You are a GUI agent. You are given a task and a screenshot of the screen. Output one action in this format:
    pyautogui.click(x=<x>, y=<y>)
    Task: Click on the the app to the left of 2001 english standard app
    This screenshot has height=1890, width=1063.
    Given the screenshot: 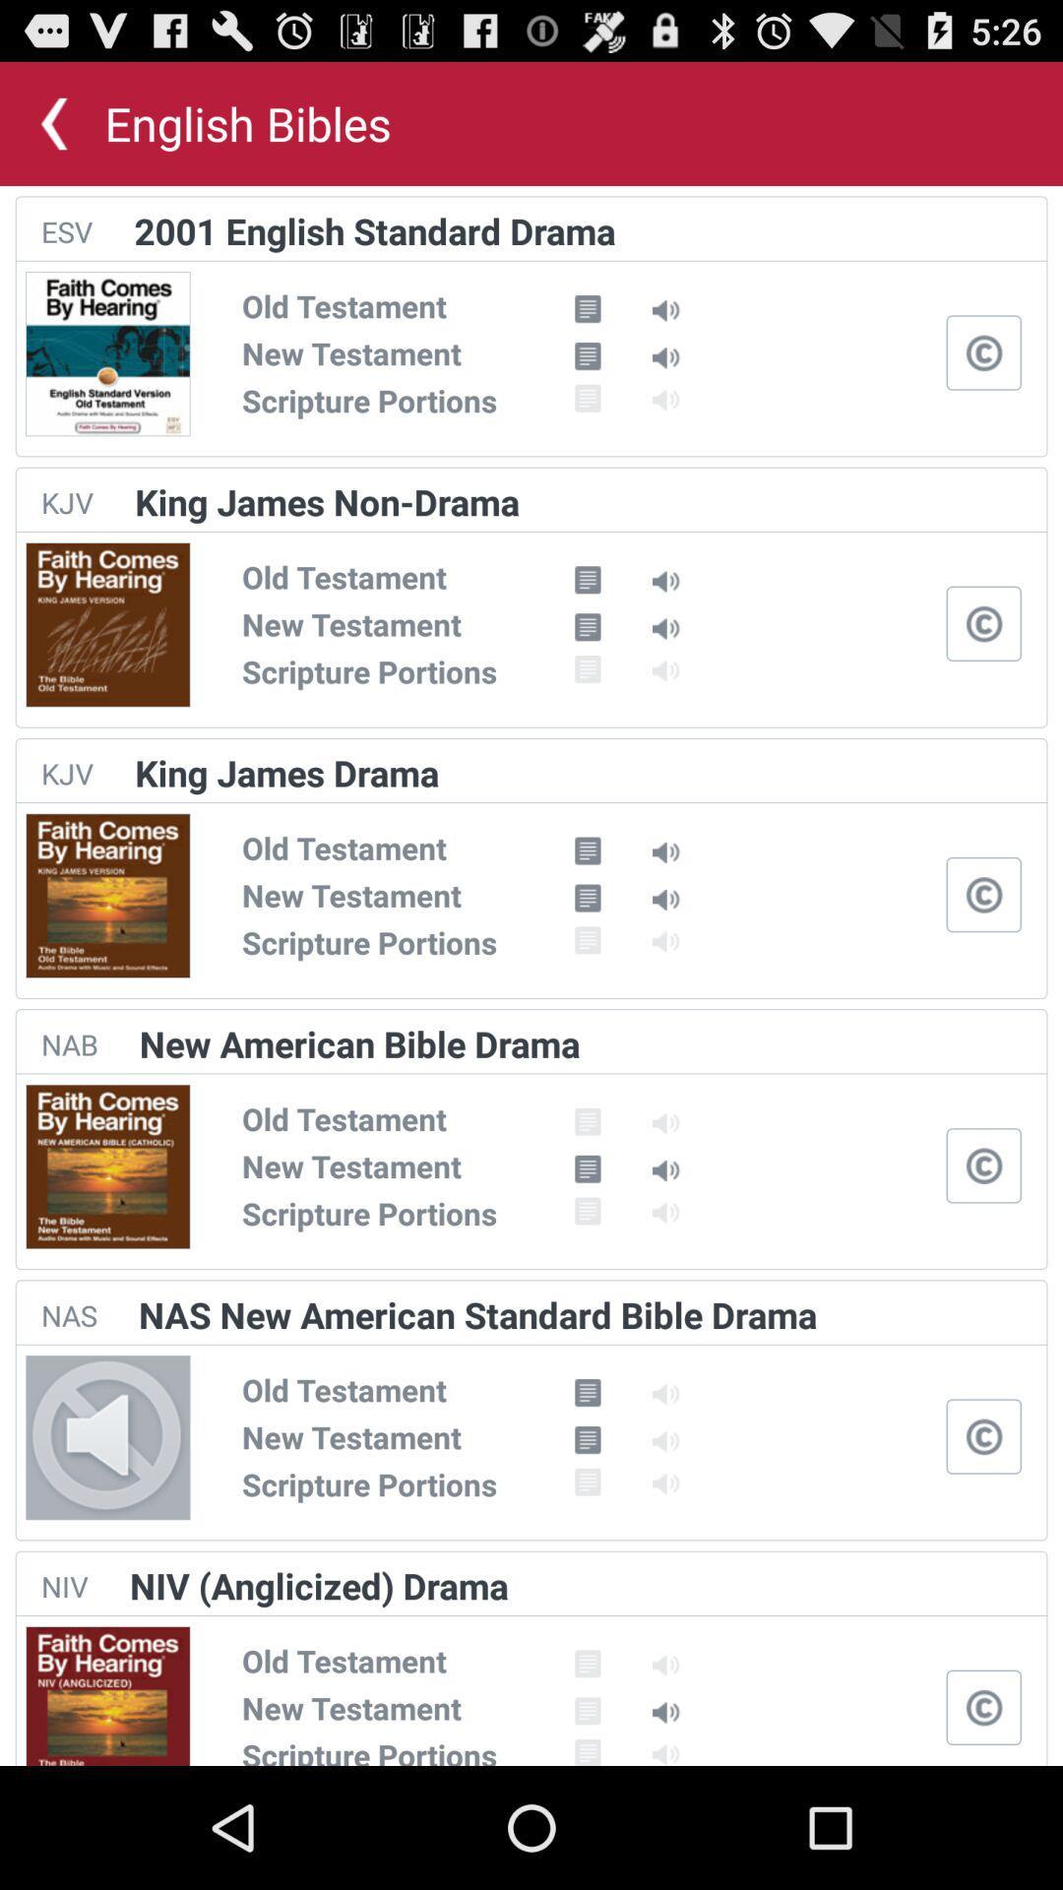 What is the action you would take?
    pyautogui.click(x=66, y=231)
    